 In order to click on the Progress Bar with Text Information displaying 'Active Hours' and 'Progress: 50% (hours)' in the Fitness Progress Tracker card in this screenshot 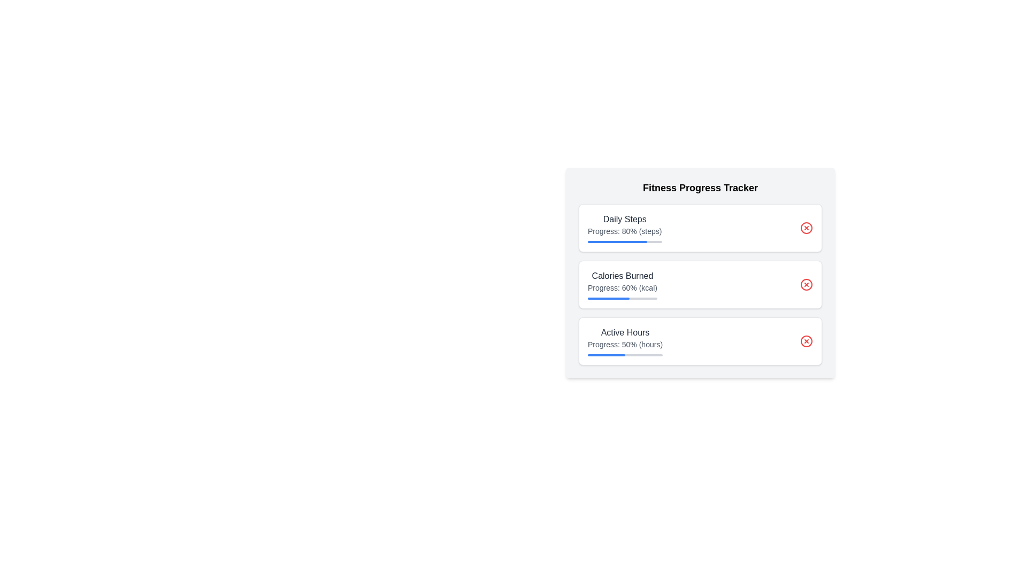, I will do `click(625, 341)`.